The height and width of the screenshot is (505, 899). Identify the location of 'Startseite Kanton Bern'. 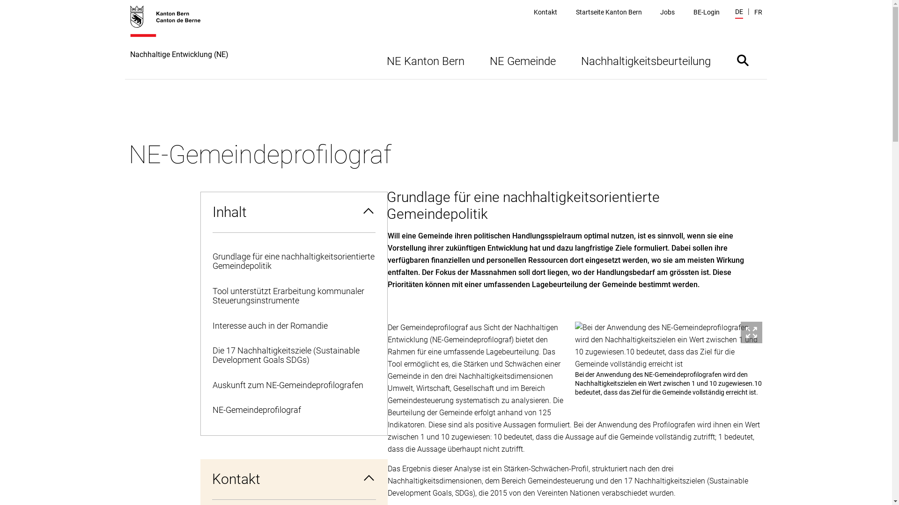
(575, 12).